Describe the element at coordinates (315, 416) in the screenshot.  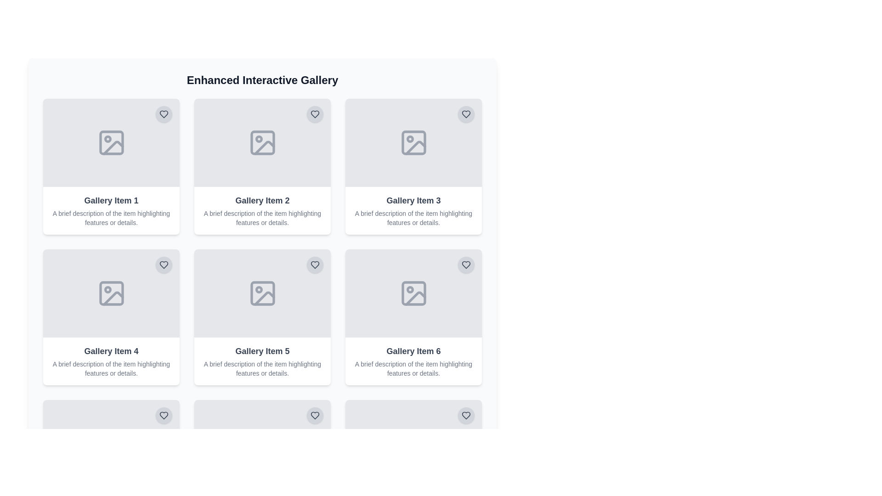
I see `the heart-shaped icon button located in the top-right corner of the sixth gallery card` at that location.